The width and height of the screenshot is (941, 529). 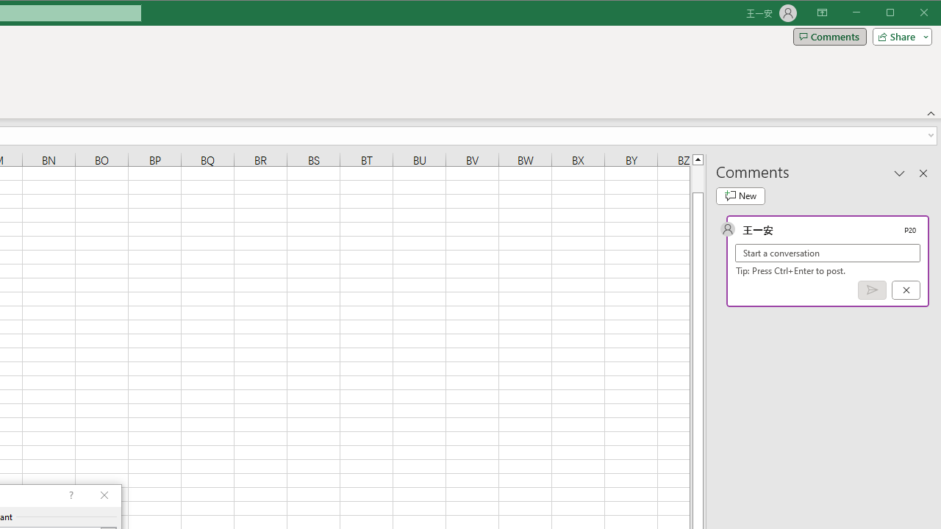 What do you see at coordinates (740, 195) in the screenshot?
I see `'New comment'` at bounding box center [740, 195].